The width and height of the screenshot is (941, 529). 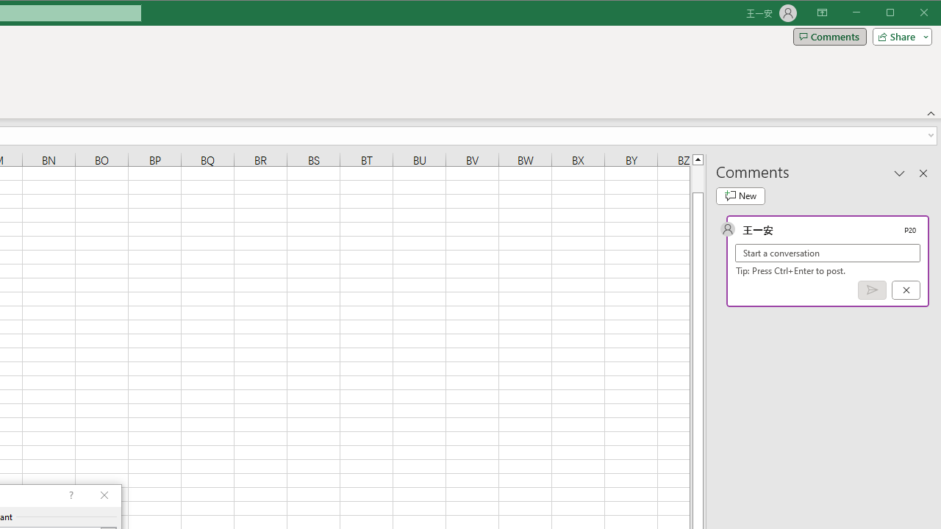 What do you see at coordinates (740, 195) in the screenshot?
I see `'New comment'` at bounding box center [740, 195].